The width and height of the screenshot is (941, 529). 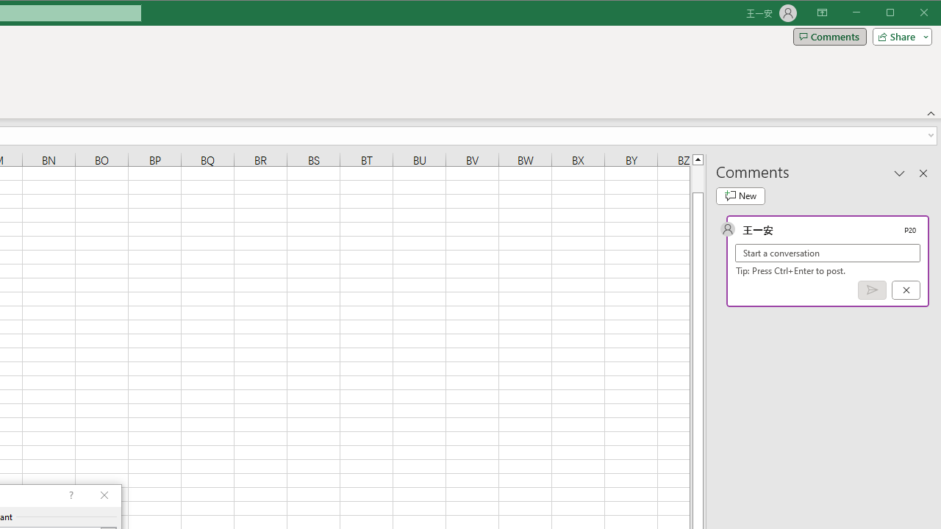 What do you see at coordinates (740, 195) in the screenshot?
I see `'New comment'` at bounding box center [740, 195].